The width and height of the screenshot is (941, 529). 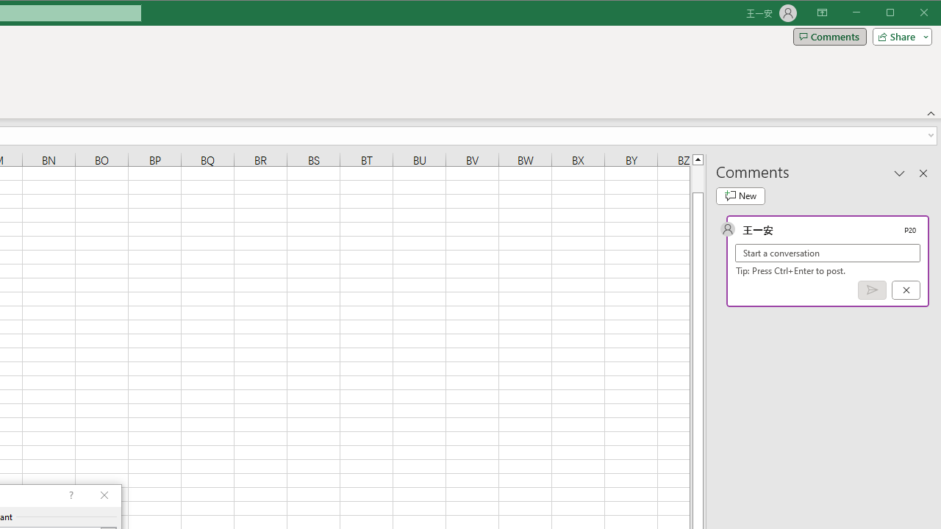 What do you see at coordinates (740, 195) in the screenshot?
I see `'New comment'` at bounding box center [740, 195].